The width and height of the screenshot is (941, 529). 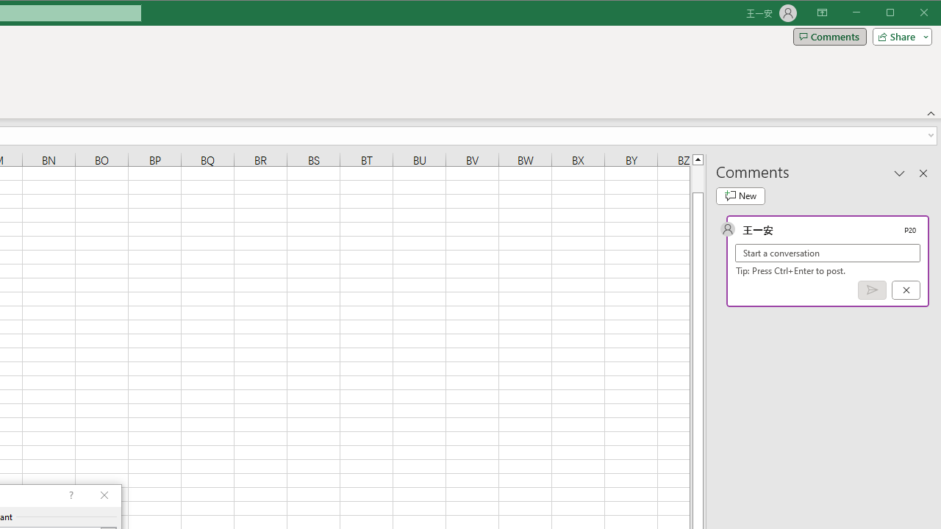 What do you see at coordinates (740, 195) in the screenshot?
I see `'New comment'` at bounding box center [740, 195].